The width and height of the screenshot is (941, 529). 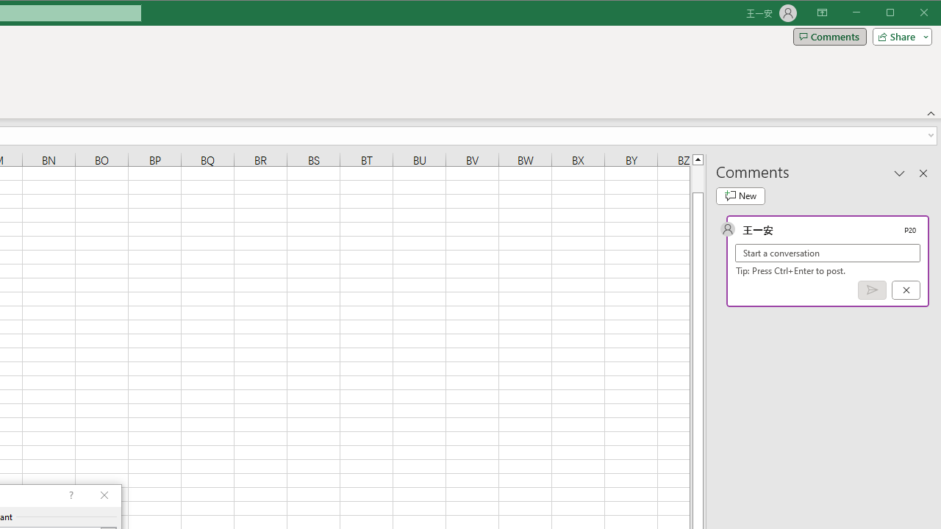 What do you see at coordinates (740, 195) in the screenshot?
I see `'New comment'` at bounding box center [740, 195].